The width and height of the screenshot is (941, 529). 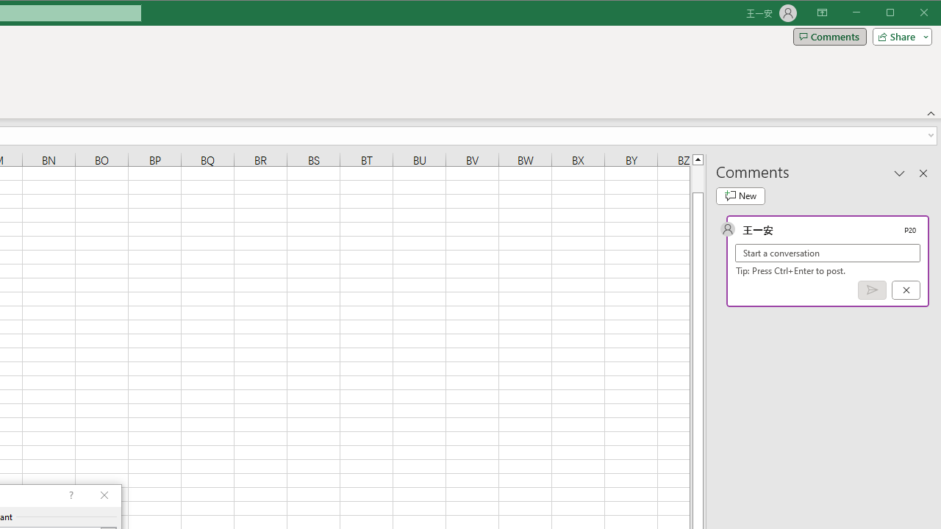 What do you see at coordinates (740, 195) in the screenshot?
I see `'New comment'` at bounding box center [740, 195].